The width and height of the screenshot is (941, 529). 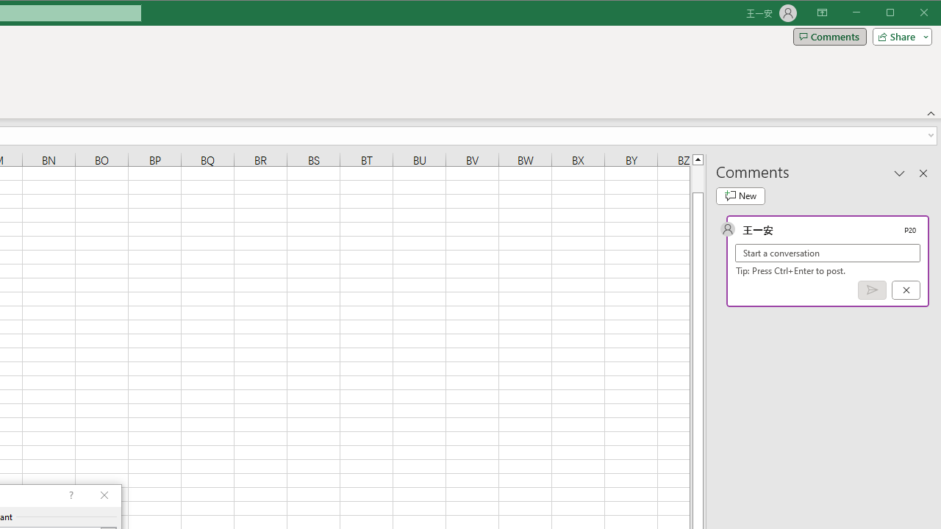 What do you see at coordinates (740, 195) in the screenshot?
I see `'New comment'` at bounding box center [740, 195].